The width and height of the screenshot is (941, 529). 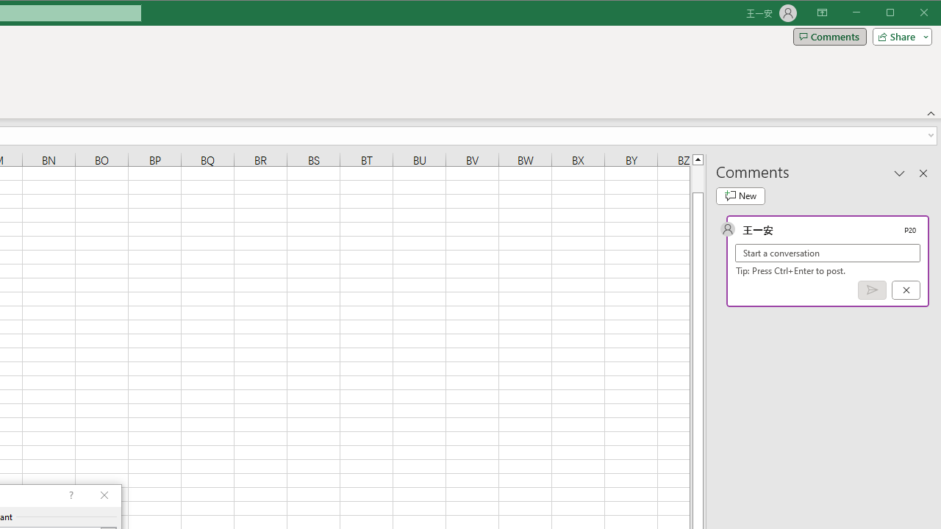 What do you see at coordinates (740, 195) in the screenshot?
I see `'New comment'` at bounding box center [740, 195].